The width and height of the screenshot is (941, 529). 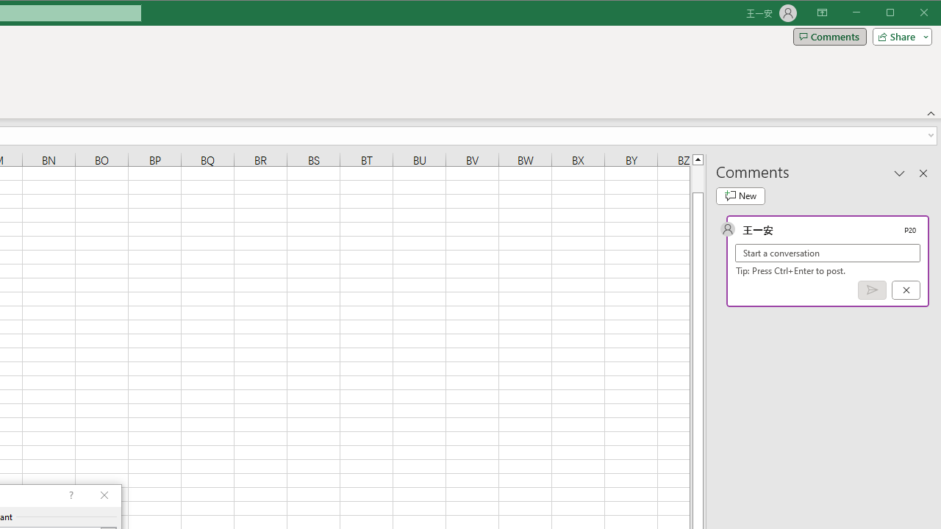 What do you see at coordinates (740, 195) in the screenshot?
I see `'New comment'` at bounding box center [740, 195].